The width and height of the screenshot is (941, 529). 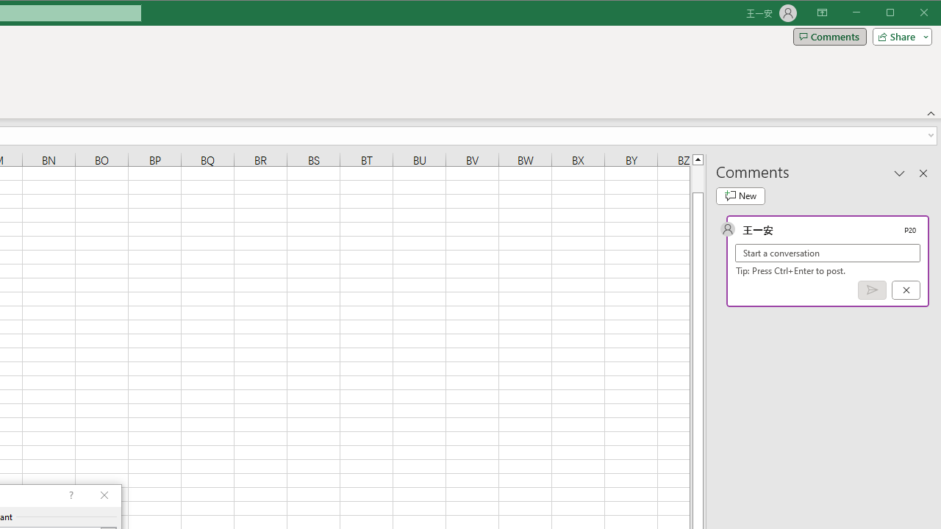 What do you see at coordinates (740, 195) in the screenshot?
I see `'New comment'` at bounding box center [740, 195].